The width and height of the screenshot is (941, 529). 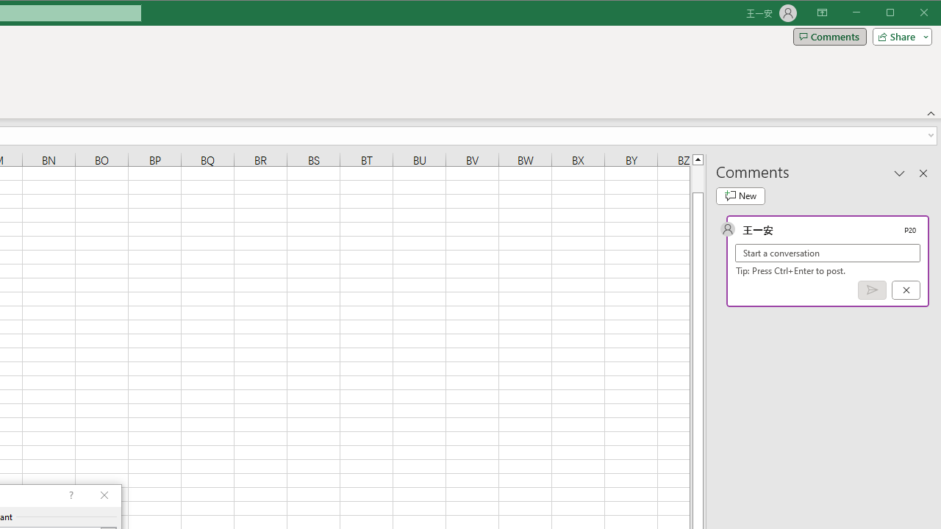 What do you see at coordinates (740, 195) in the screenshot?
I see `'New comment'` at bounding box center [740, 195].